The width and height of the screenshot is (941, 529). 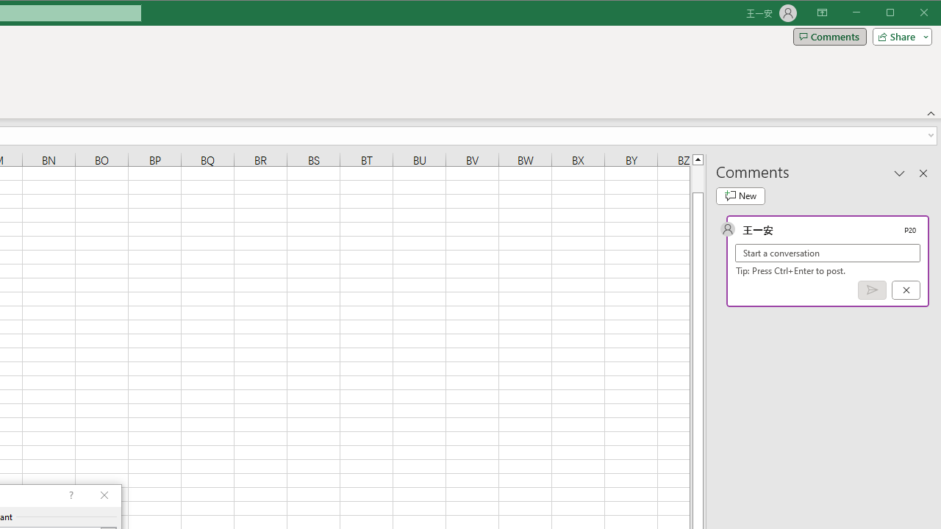 What do you see at coordinates (740, 195) in the screenshot?
I see `'New comment'` at bounding box center [740, 195].